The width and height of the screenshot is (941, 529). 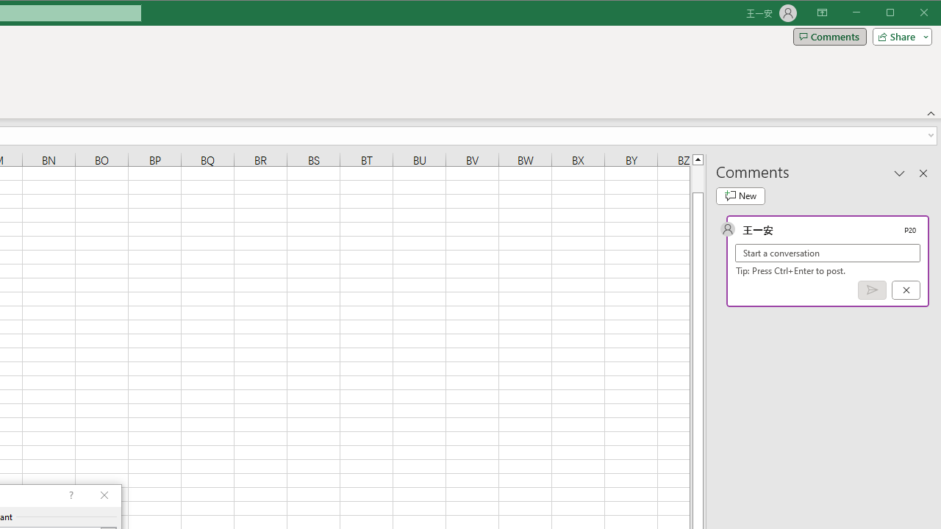 What do you see at coordinates (740, 195) in the screenshot?
I see `'New comment'` at bounding box center [740, 195].